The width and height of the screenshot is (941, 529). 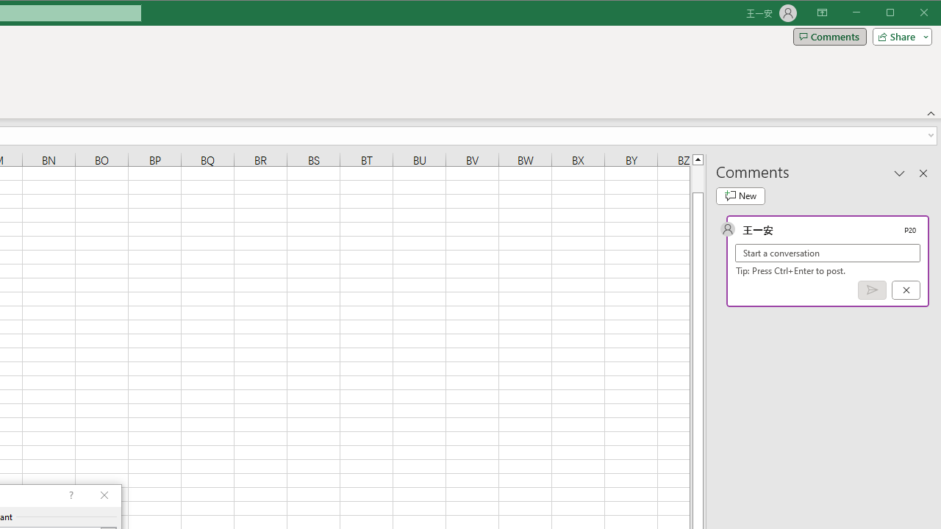 What do you see at coordinates (740, 195) in the screenshot?
I see `'New comment'` at bounding box center [740, 195].